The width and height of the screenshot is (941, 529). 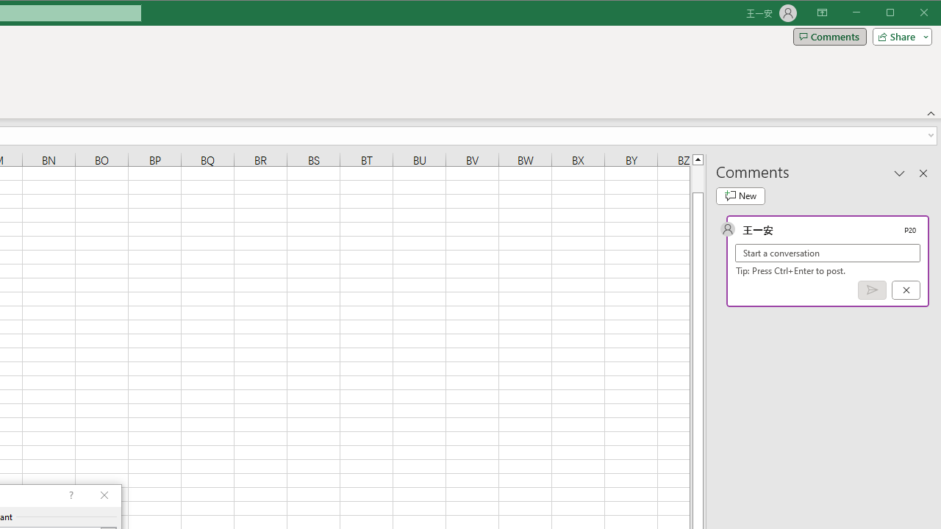 What do you see at coordinates (740, 195) in the screenshot?
I see `'New comment'` at bounding box center [740, 195].